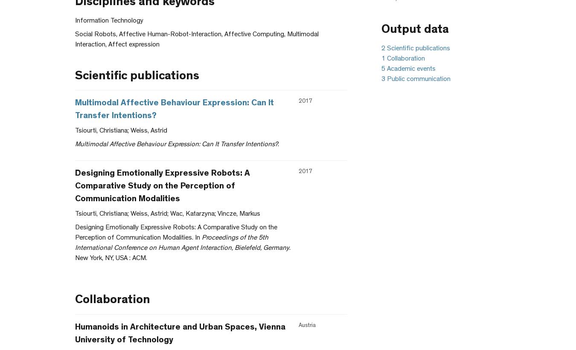 The width and height of the screenshot is (576, 350). Describe the element at coordinates (137, 76) in the screenshot. I see `'Scientific publications'` at that location.